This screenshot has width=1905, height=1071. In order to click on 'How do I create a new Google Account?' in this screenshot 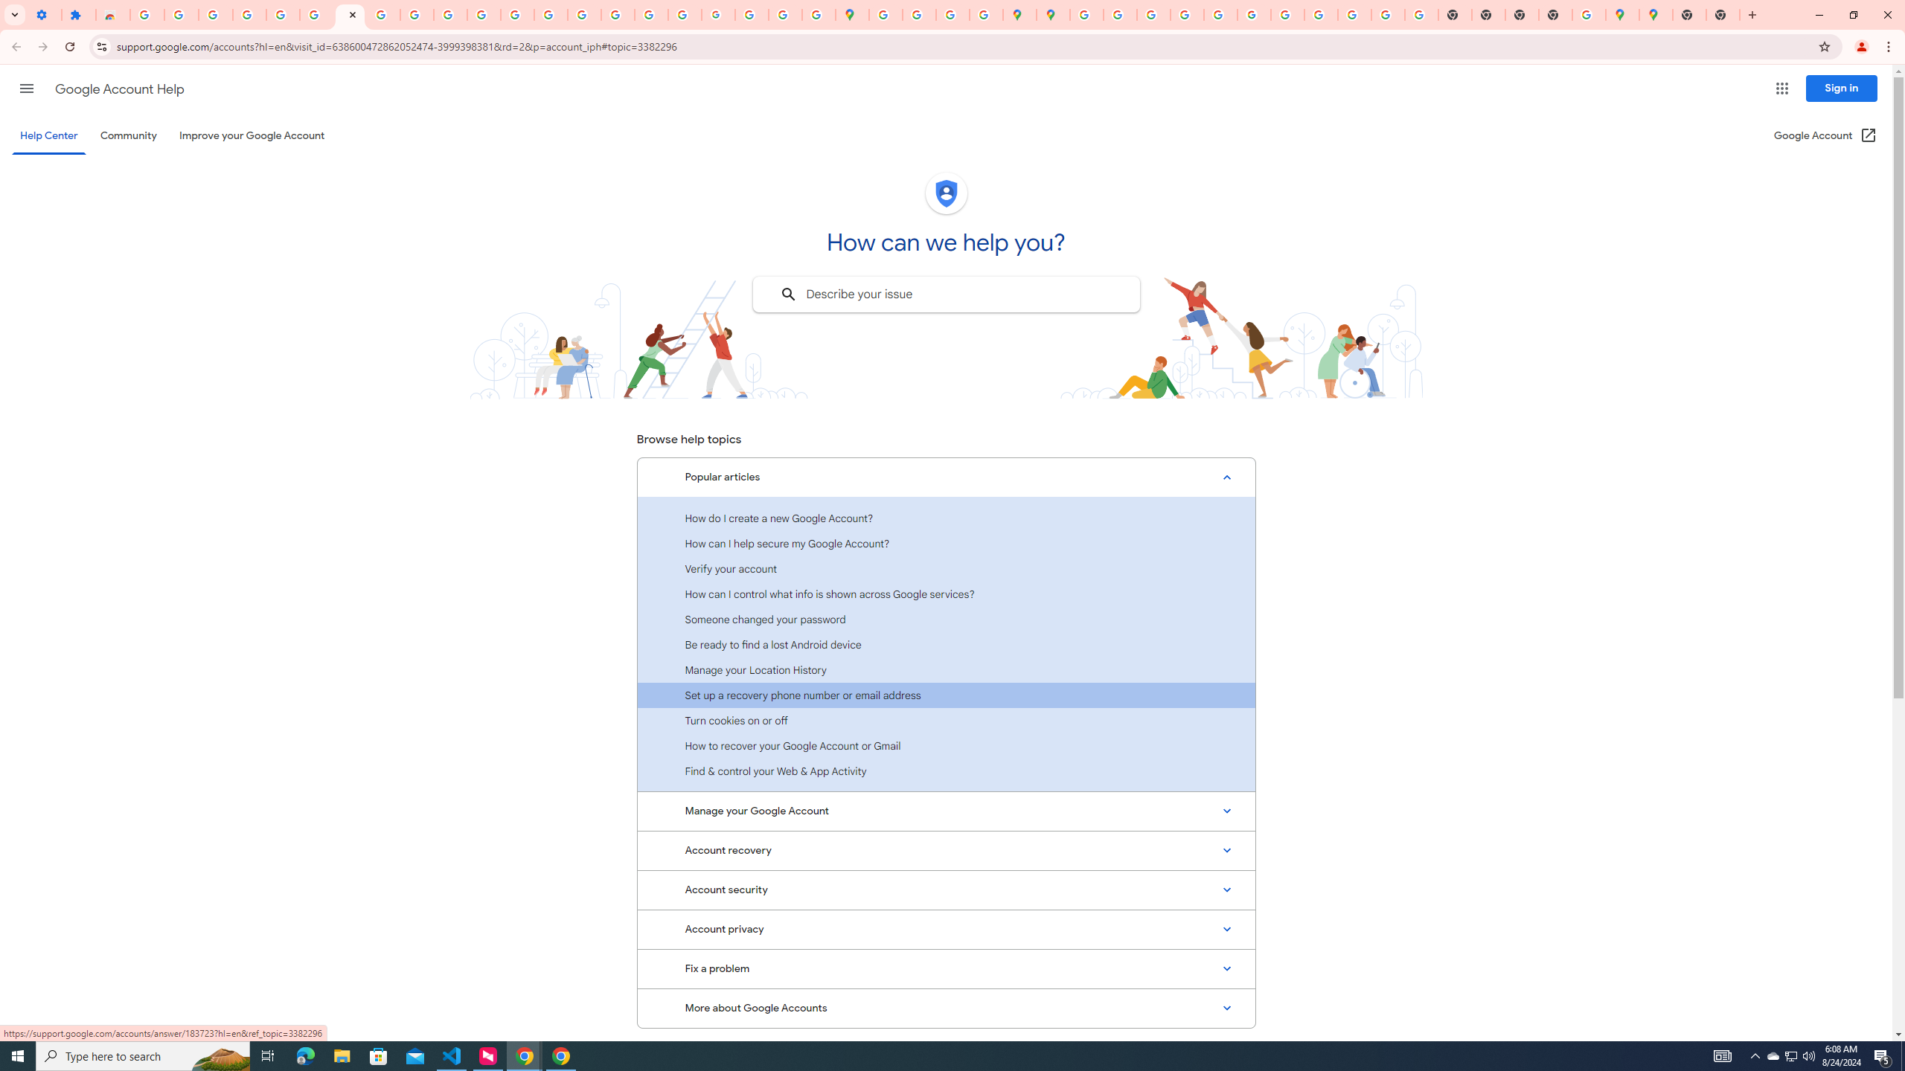, I will do `click(946, 518)`.